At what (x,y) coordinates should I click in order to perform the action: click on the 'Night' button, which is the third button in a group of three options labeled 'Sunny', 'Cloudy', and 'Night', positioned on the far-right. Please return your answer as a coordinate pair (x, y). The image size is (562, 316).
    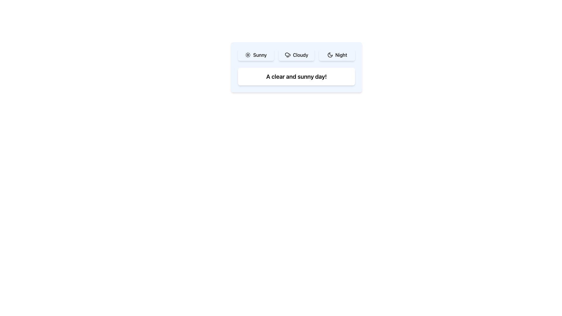
    Looking at the image, I should click on (337, 55).